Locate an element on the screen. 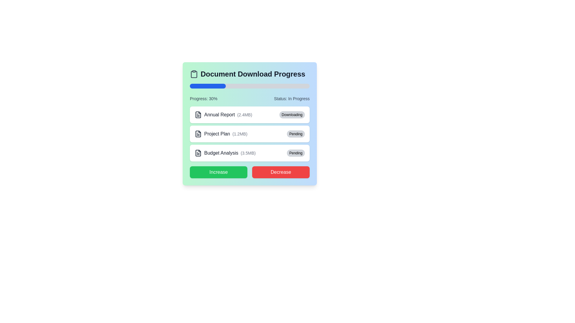  text label 'Project Plan' which is displayed in bold dark gray font, located below 'Annual Report (2.4MB)' and above 'Budget Analysis (3.5MB)' is located at coordinates (217, 133).